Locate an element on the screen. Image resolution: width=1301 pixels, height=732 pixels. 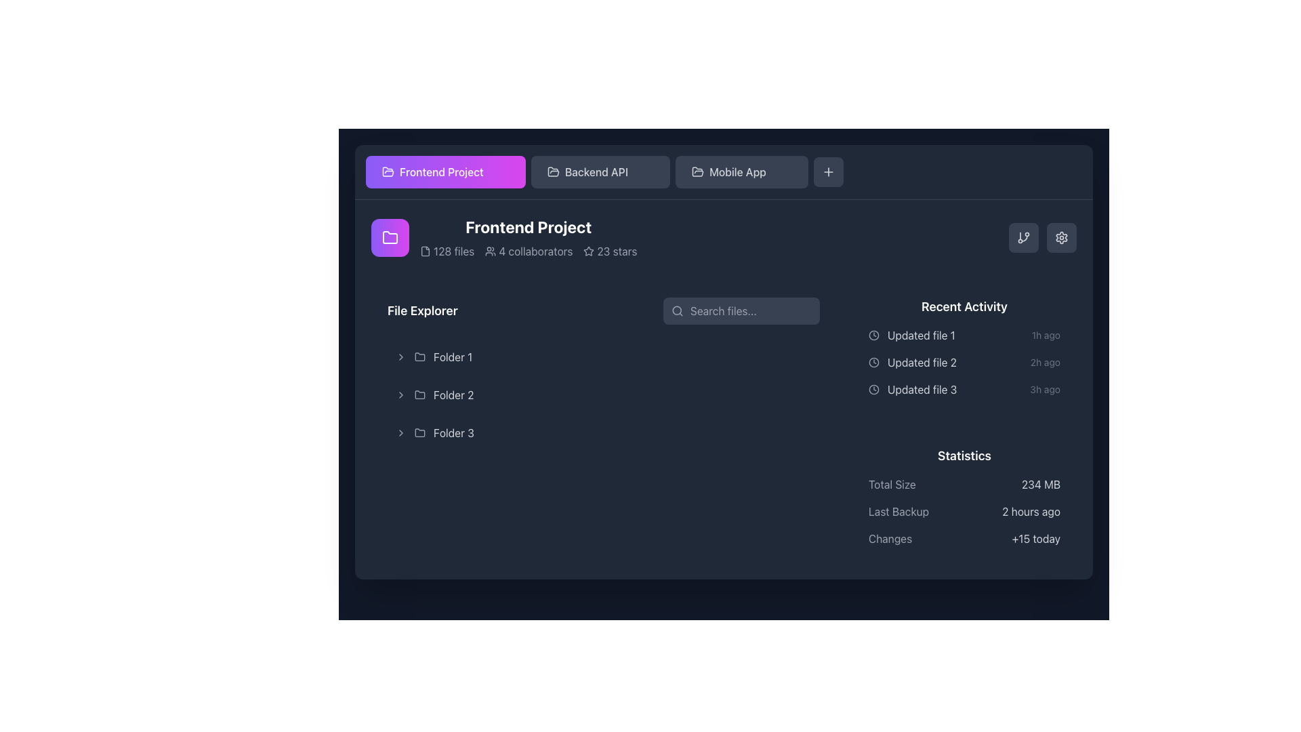
the chevron icon is located at coordinates (400, 433).